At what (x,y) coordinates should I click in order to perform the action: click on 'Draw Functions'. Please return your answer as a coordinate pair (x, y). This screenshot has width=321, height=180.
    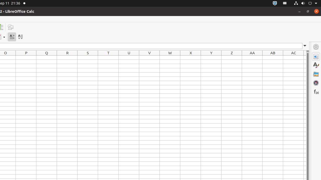
    Looking at the image, I should click on (10, 27).